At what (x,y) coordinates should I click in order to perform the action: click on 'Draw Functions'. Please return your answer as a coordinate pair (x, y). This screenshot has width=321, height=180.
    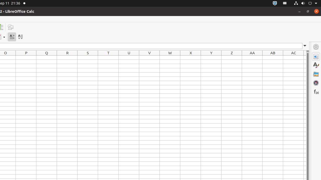
    Looking at the image, I should click on (10, 27).